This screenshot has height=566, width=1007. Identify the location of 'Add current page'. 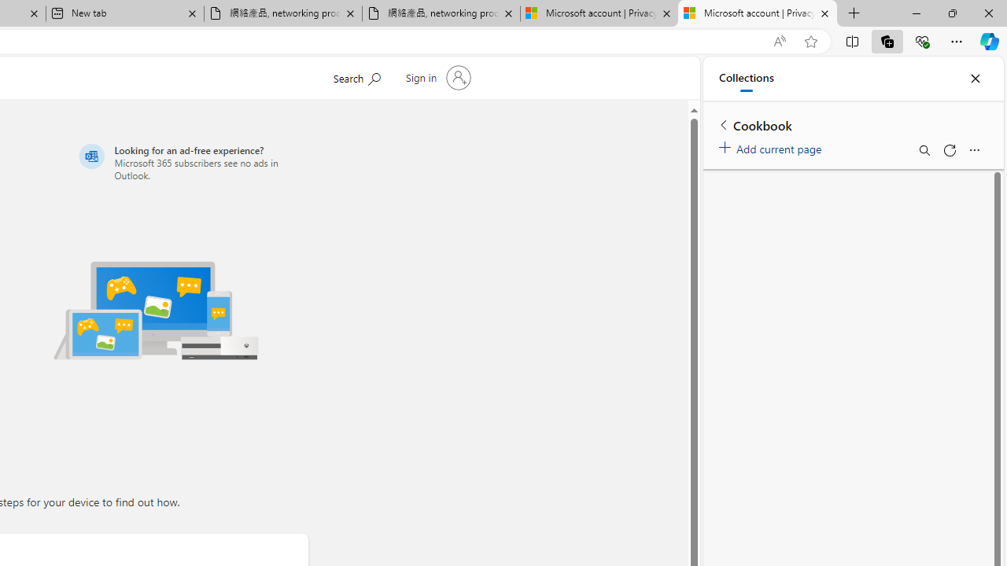
(773, 146).